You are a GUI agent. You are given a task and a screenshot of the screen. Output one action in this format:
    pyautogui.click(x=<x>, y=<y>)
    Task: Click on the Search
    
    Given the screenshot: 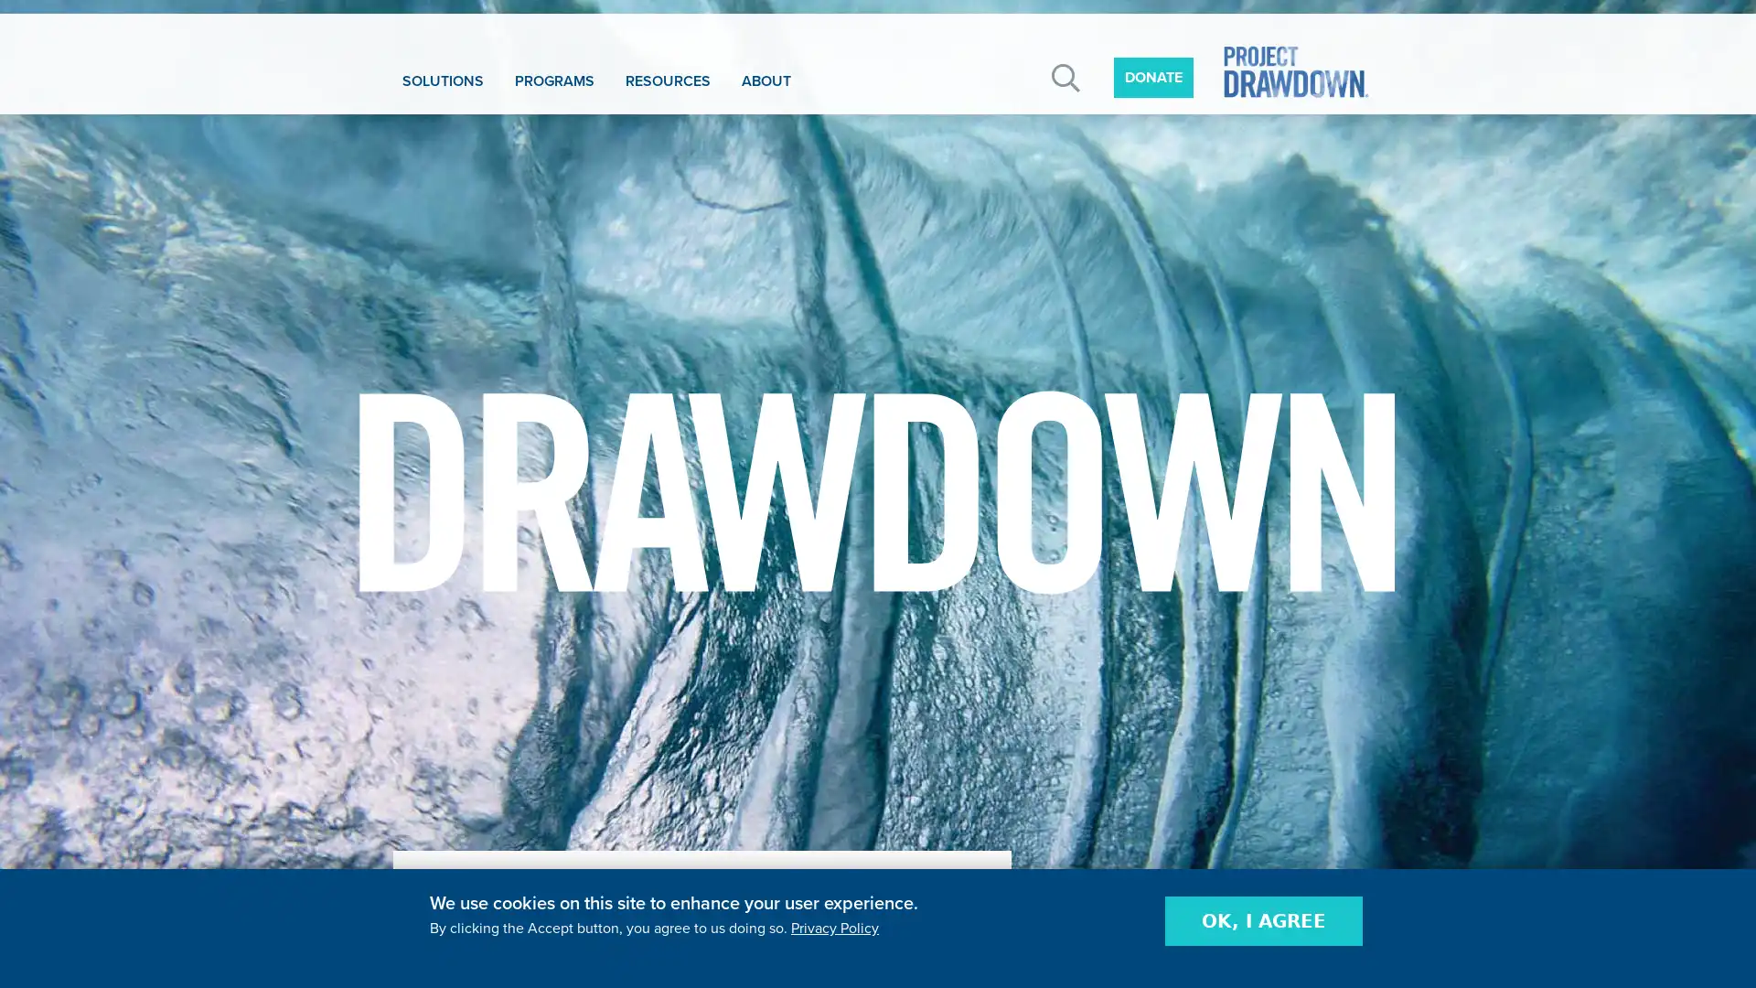 What is the action you would take?
    pyautogui.click(x=1065, y=77)
    